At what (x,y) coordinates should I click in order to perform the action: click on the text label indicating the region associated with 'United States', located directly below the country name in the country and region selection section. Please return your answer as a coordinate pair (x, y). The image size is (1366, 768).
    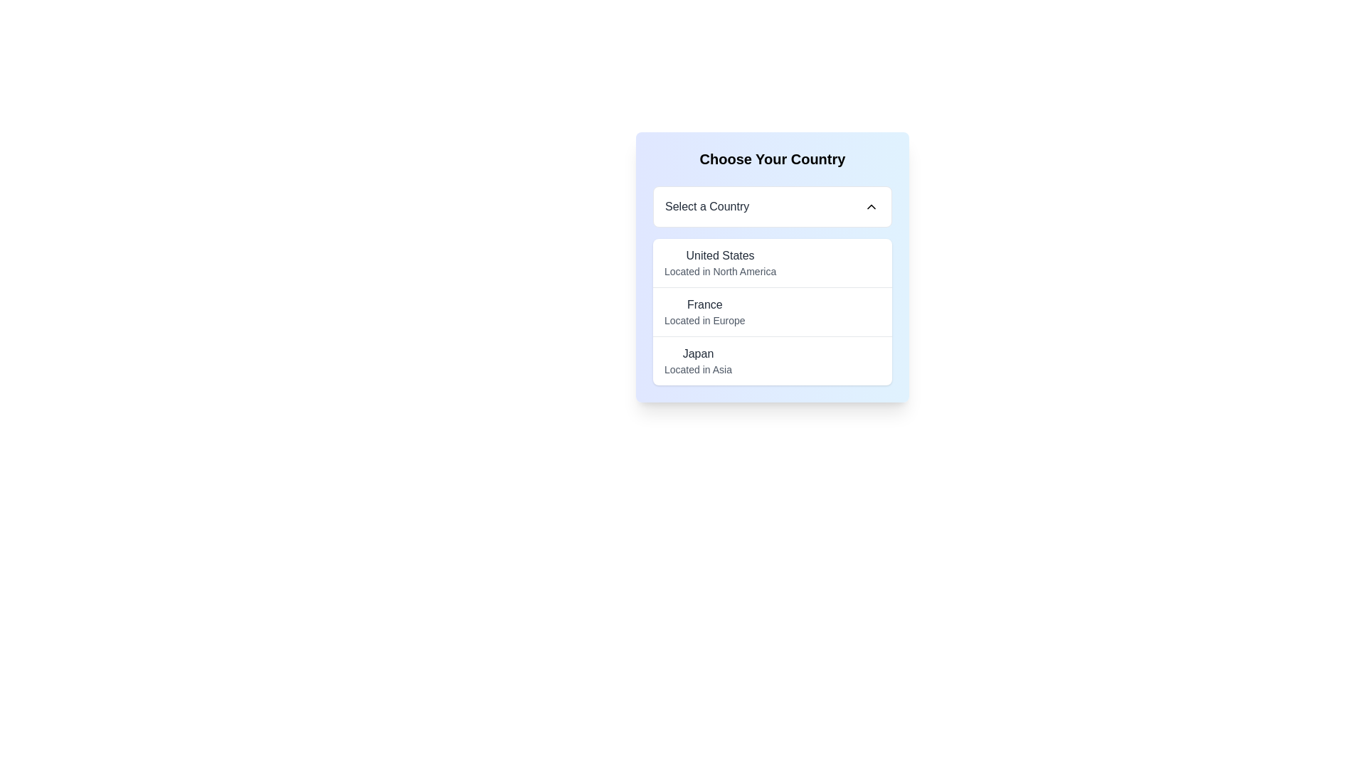
    Looking at the image, I should click on (720, 271).